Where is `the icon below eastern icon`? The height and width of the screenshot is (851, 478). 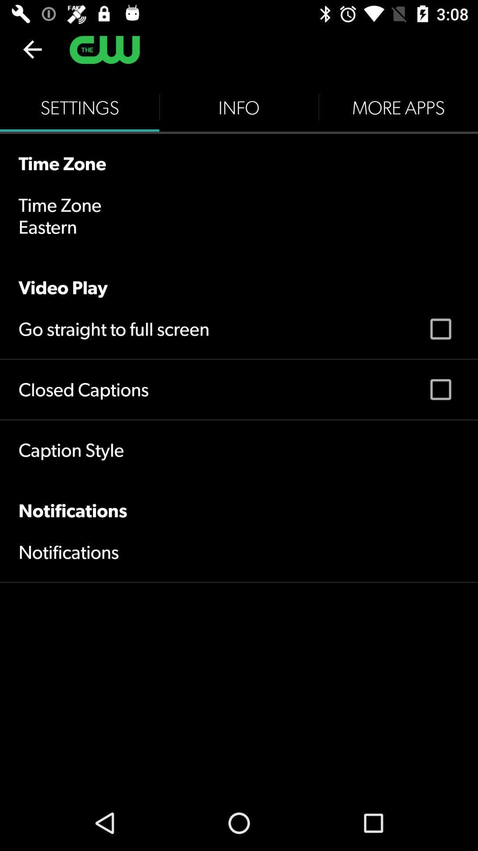
the icon below eastern icon is located at coordinates (239, 277).